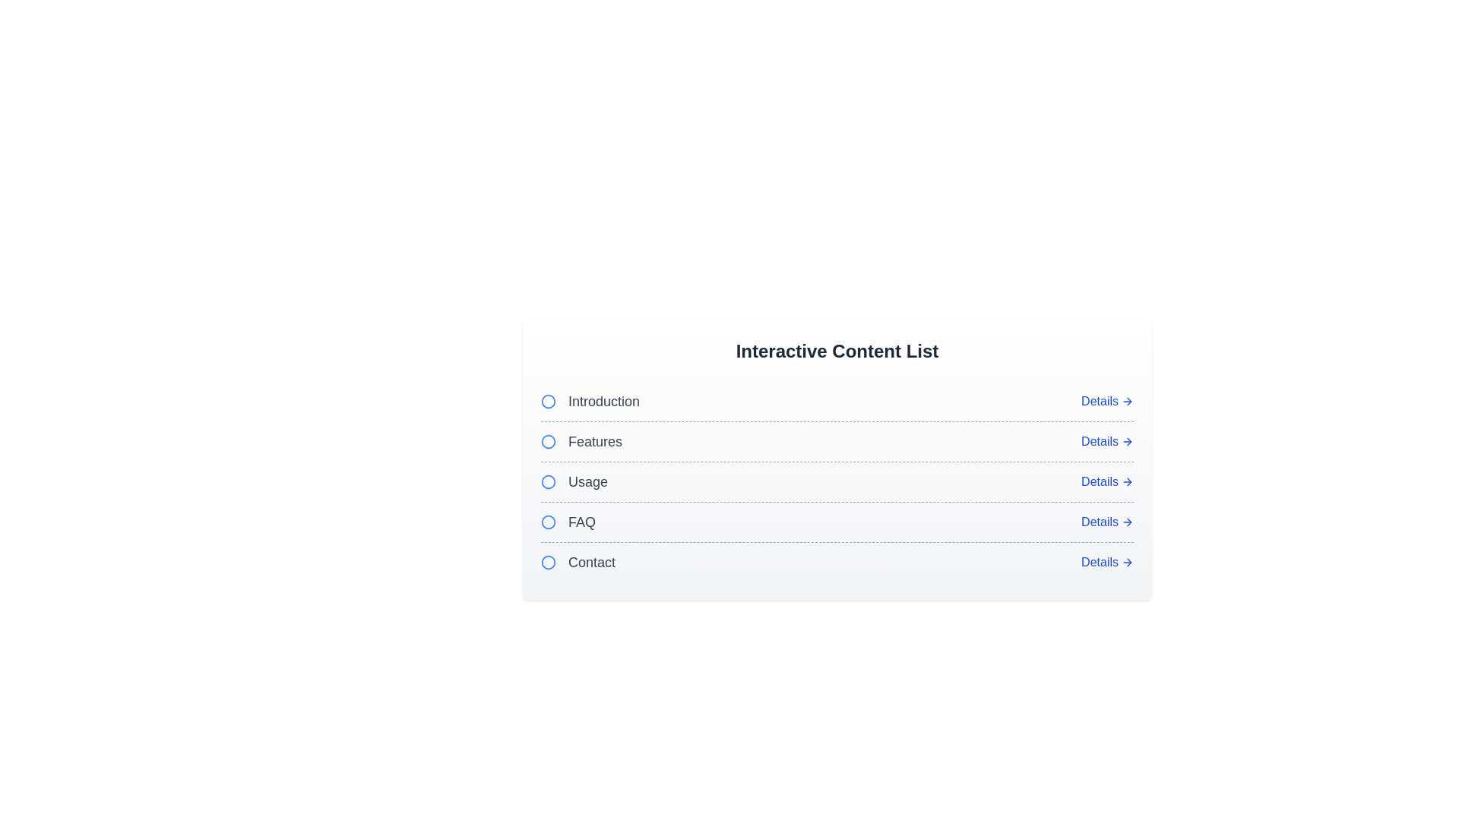 The image size is (1459, 820). What do you see at coordinates (587, 482) in the screenshot?
I see `text label displaying 'Usage', which is the third label in a vertical list of items, styled in gray color` at bounding box center [587, 482].